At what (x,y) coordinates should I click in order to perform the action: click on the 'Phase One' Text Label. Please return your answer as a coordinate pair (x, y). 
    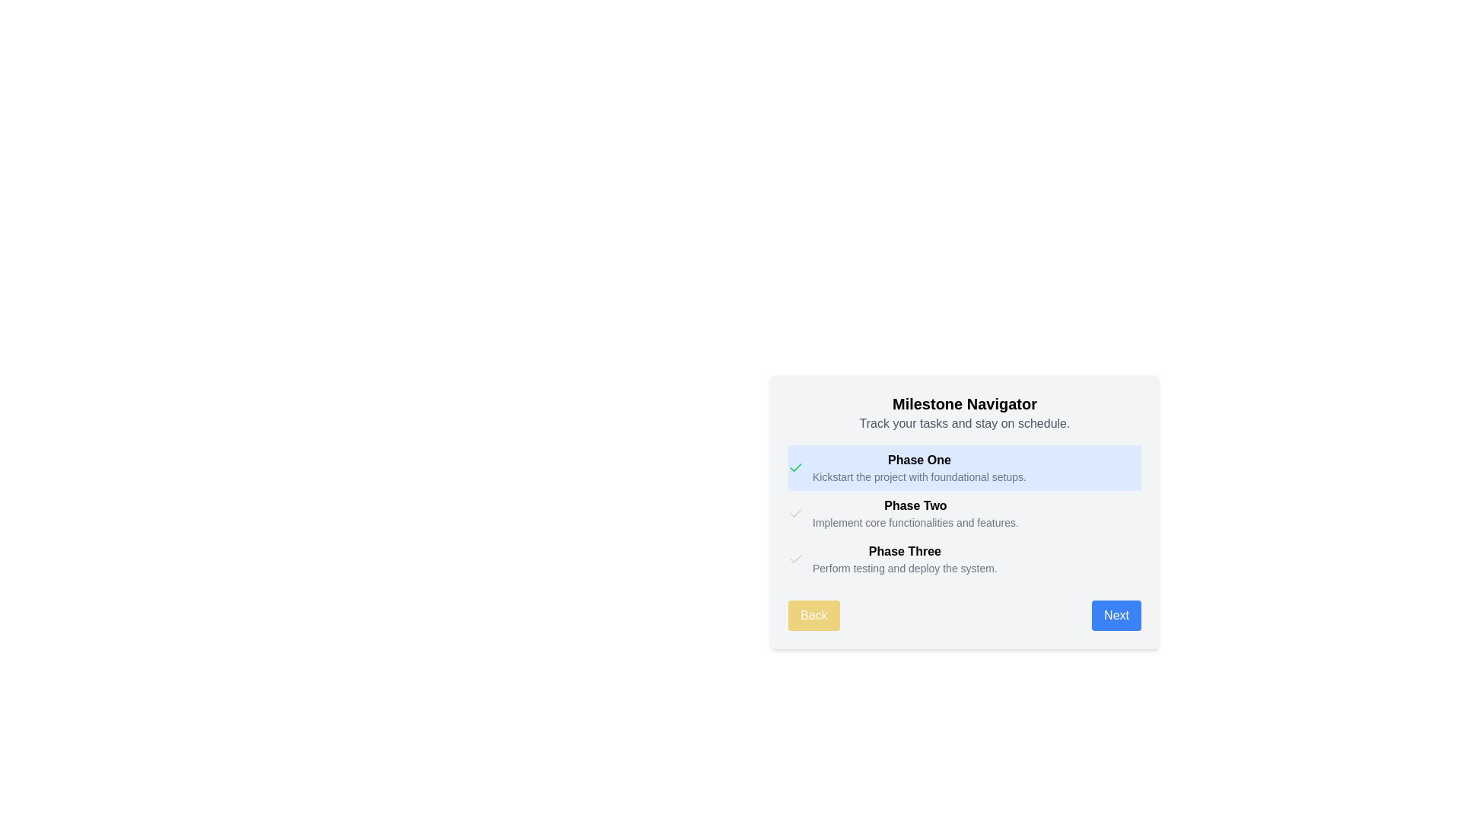
    Looking at the image, I should click on (918, 460).